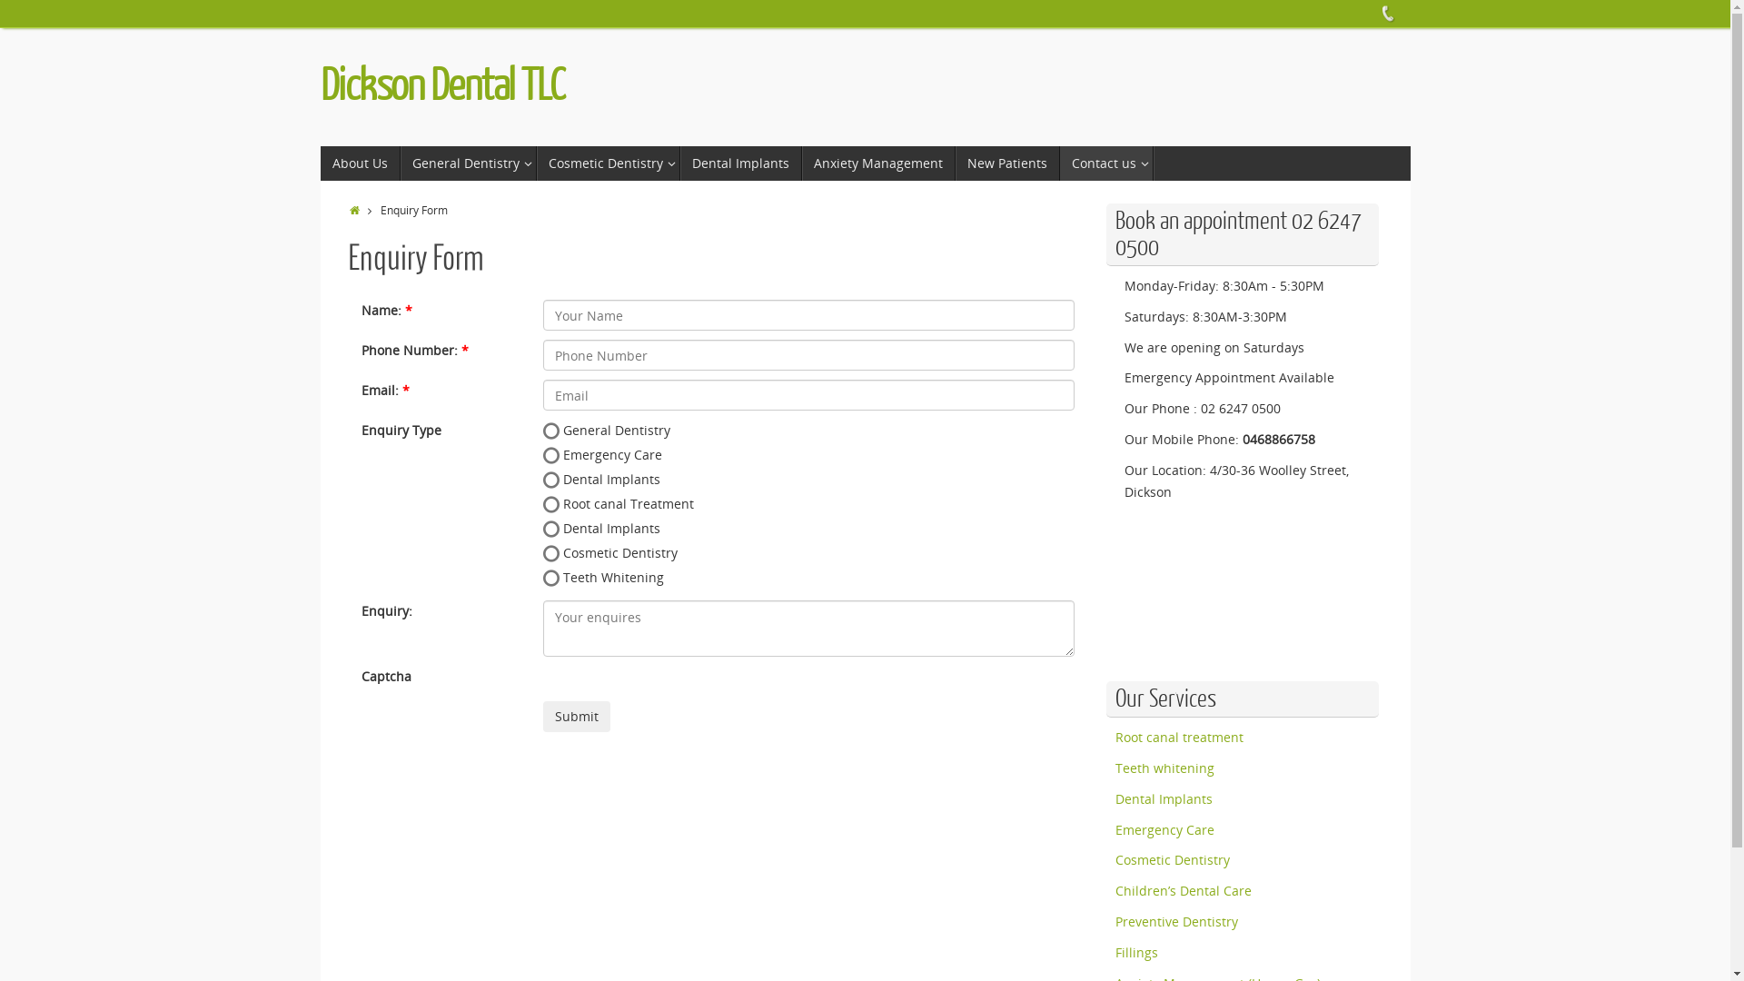 Image resolution: width=1744 pixels, height=981 pixels. I want to click on 'Submit', so click(575, 716).